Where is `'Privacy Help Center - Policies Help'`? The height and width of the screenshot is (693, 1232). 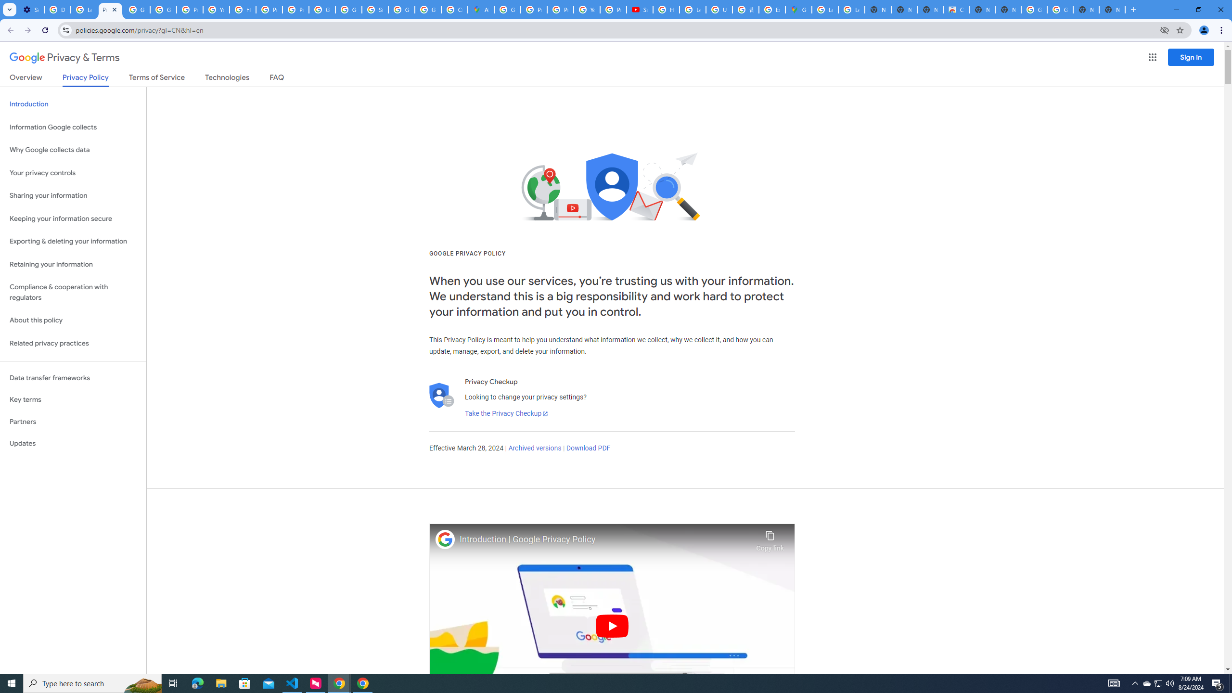
'Privacy Help Center - Policies Help' is located at coordinates (560, 9).